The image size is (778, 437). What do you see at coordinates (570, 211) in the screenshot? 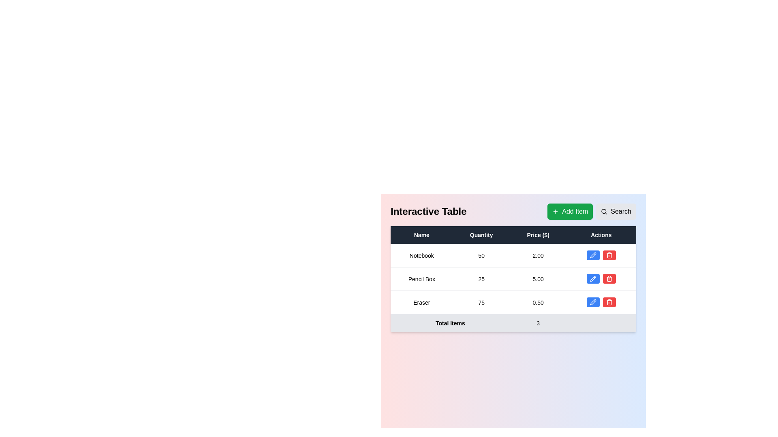
I see `the green button labeled 'Add Item' with a '+' symbol` at bounding box center [570, 211].